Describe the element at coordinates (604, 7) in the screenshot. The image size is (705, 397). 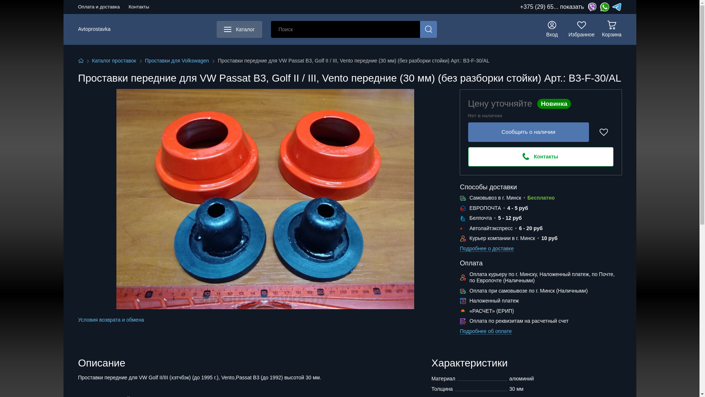
I see `'WhatsApp'` at that location.